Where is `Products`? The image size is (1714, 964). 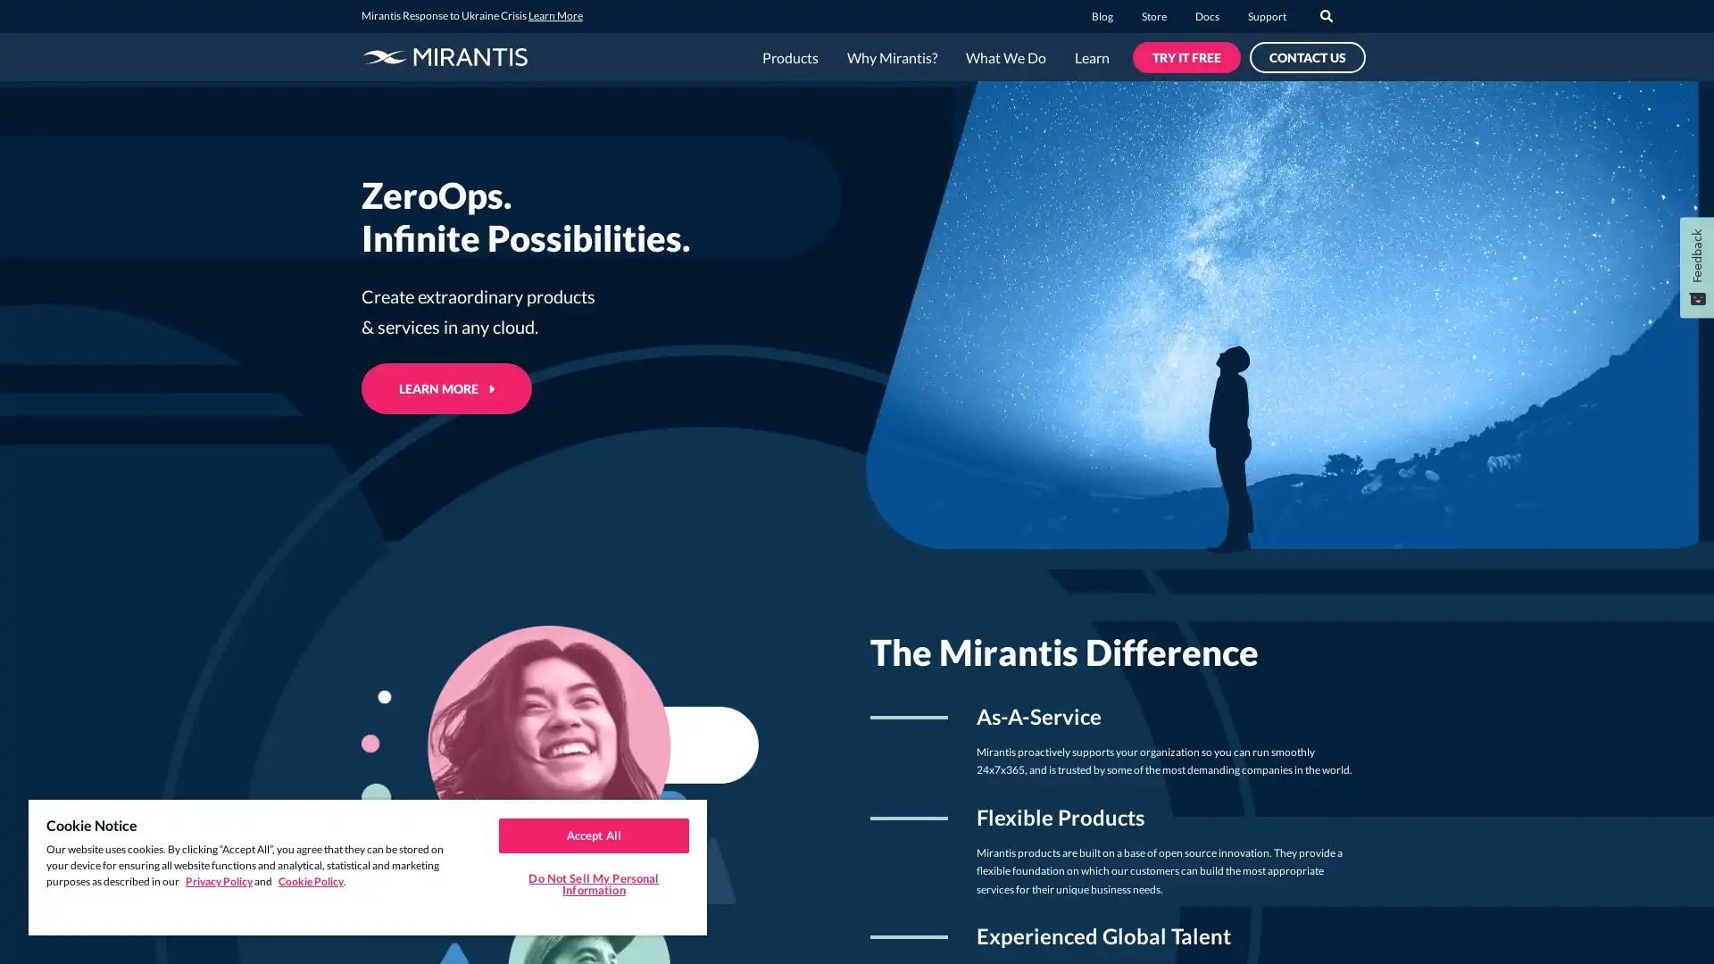
Products is located at coordinates (789, 57).